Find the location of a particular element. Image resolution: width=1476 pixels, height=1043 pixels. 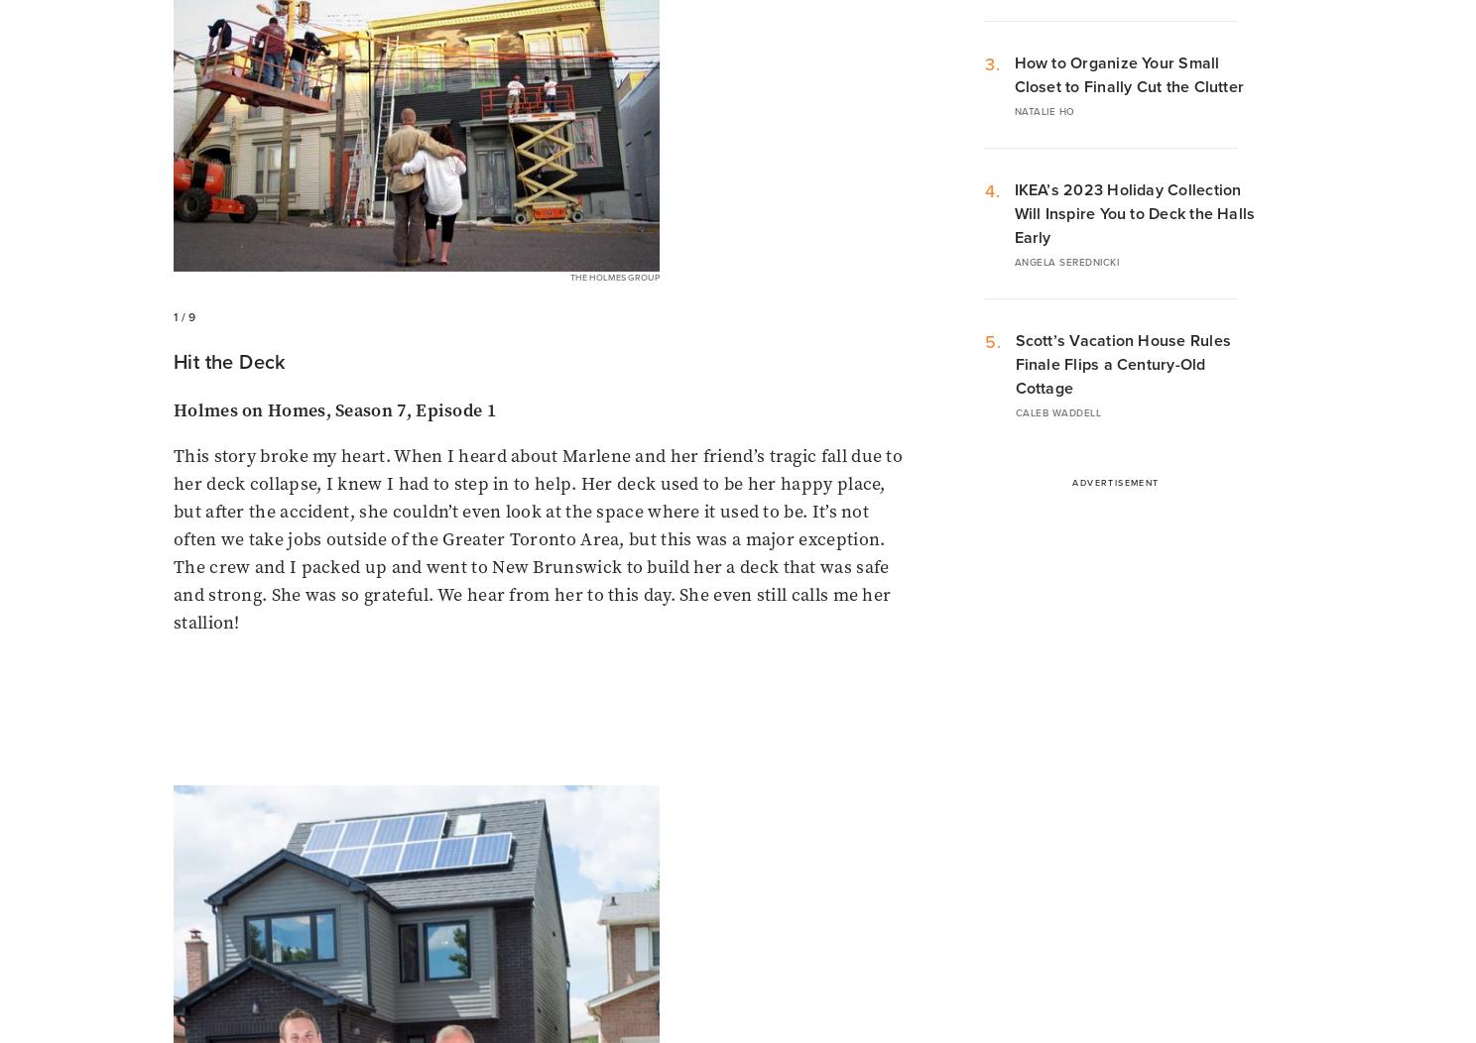

'Sign up for Newsletter' is located at coordinates (363, 817).